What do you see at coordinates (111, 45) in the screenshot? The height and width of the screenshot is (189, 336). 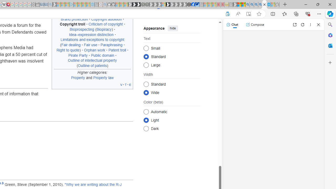 I see `'Paraphrasing'` at bounding box center [111, 45].